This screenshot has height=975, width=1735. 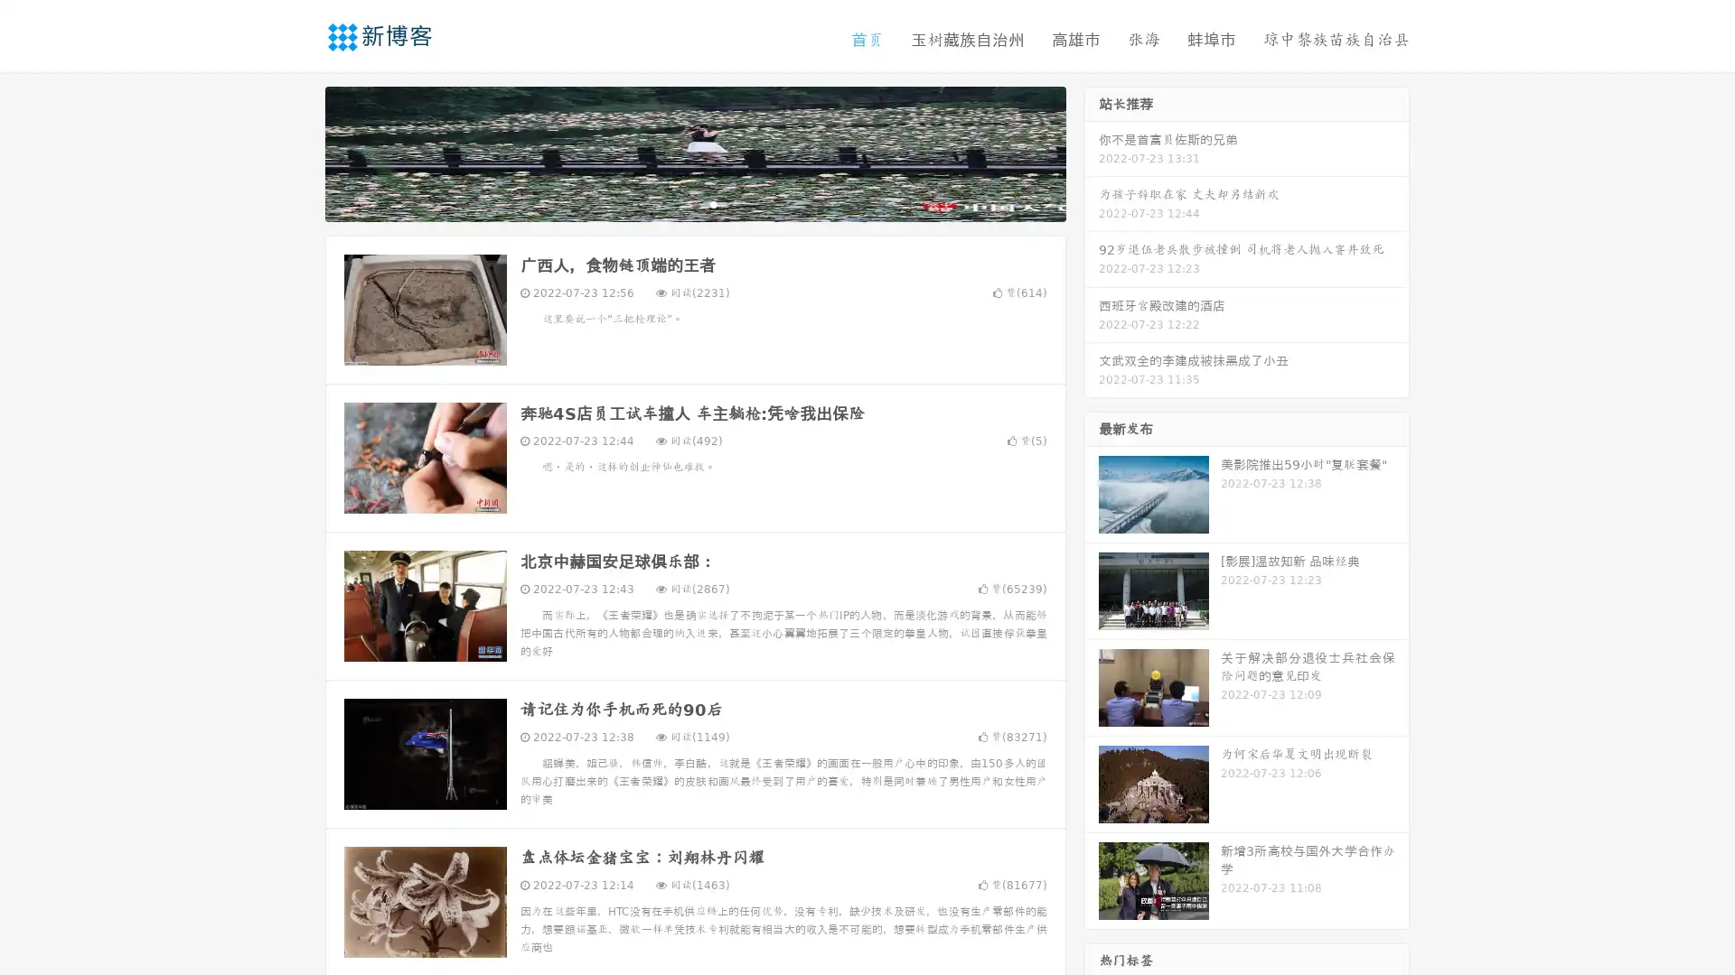 What do you see at coordinates (1092, 152) in the screenshot?
I see `Next slide` at bounding box center [1092, 152].